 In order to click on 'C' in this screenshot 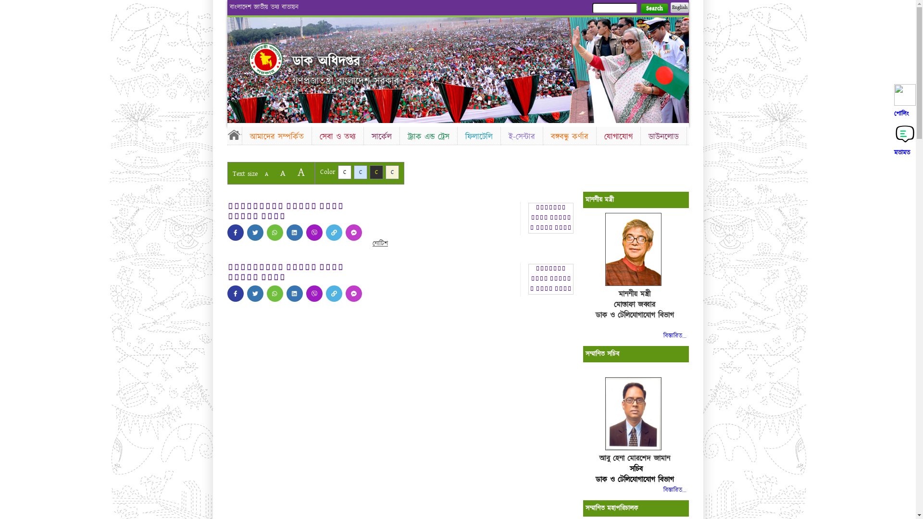, I will do `click(375, 172)`.